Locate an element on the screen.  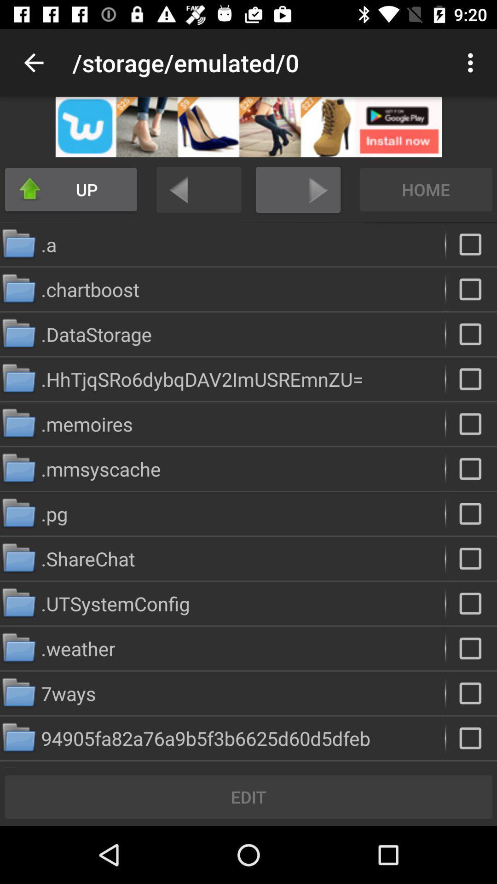
next is located at coordinates (298, 189).